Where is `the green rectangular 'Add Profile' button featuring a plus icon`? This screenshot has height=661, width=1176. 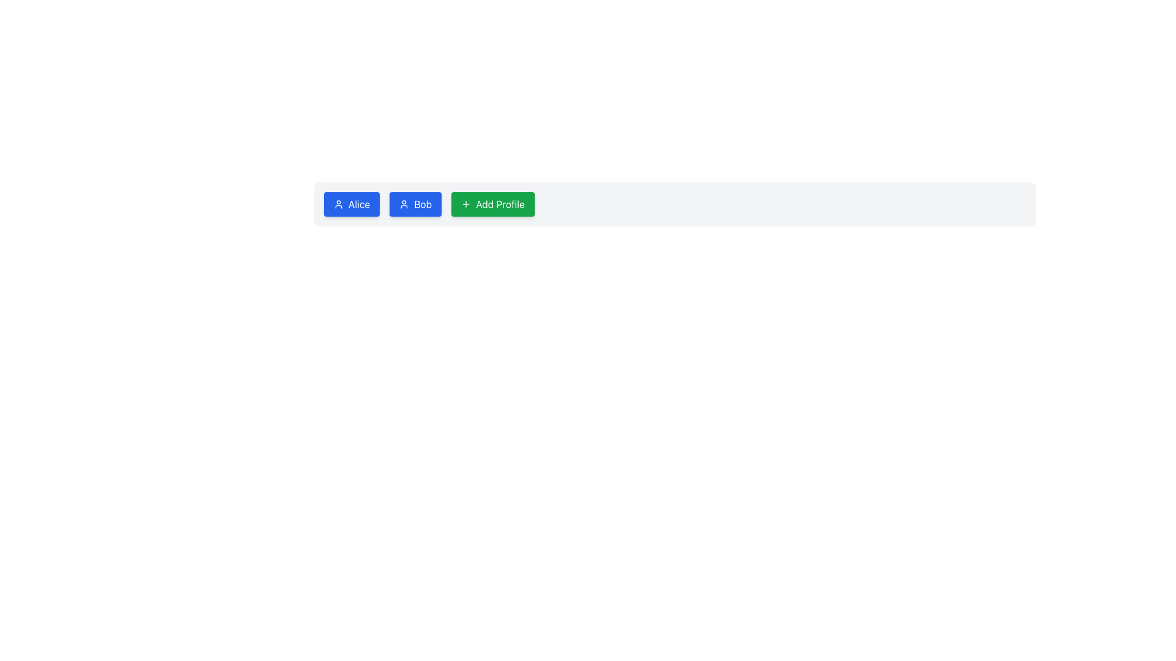 the green rectangular 'Add Profile' button featuring a plus icon is located at coordinates (492, 204).